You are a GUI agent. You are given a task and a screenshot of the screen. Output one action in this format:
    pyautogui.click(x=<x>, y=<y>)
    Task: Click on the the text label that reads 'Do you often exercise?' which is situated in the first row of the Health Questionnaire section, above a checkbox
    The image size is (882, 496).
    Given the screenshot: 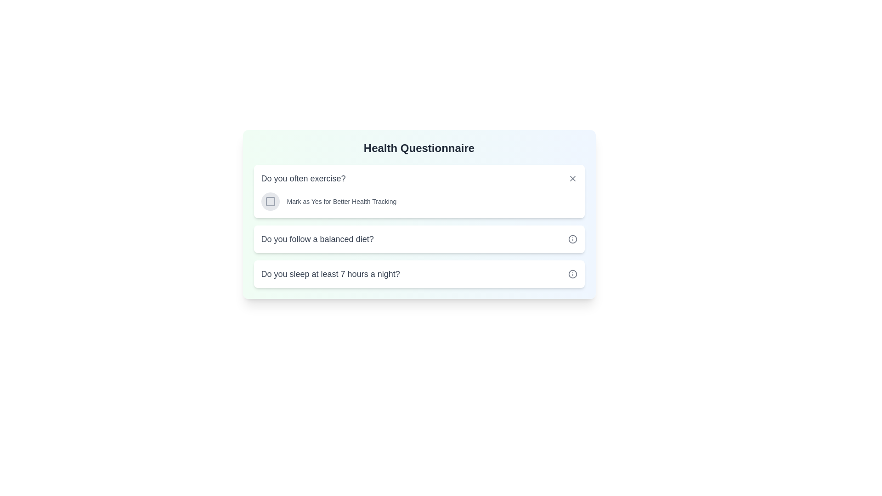 What is the action you would take?
    pyautogui.click(x=303, y=179)
    